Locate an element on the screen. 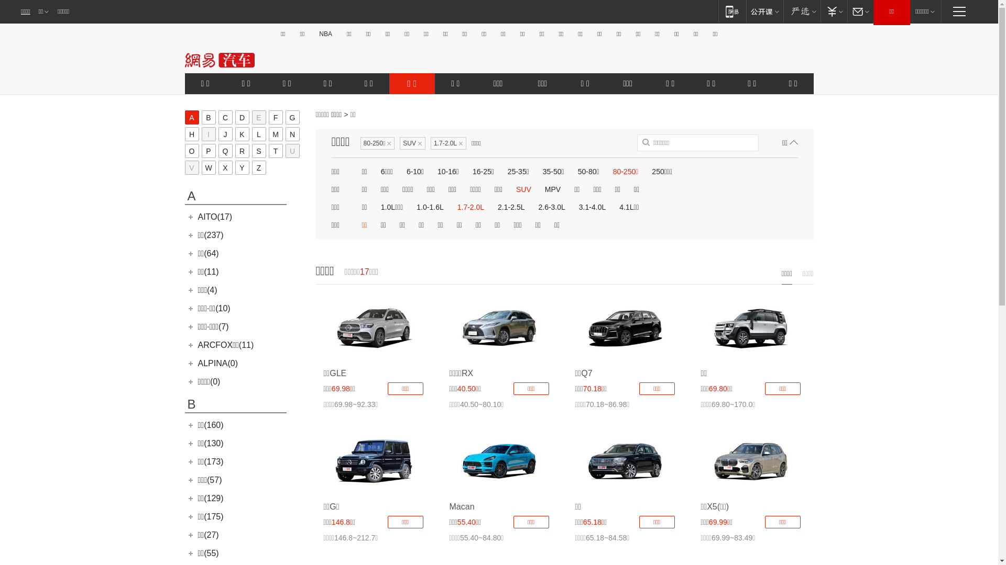  'U' is located at coordinates (285, 151).